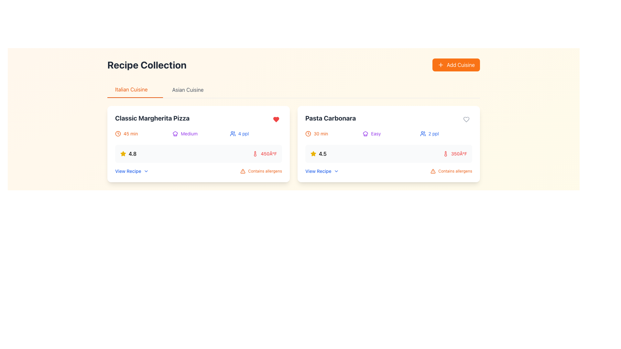 The height and width of the screenshot is (349, 621). What do you see at coordinates (191, 90) in the screenshot?
I see `the 'Asian Cuisine' text link in the navigation row` at bounding box center [191, 90].